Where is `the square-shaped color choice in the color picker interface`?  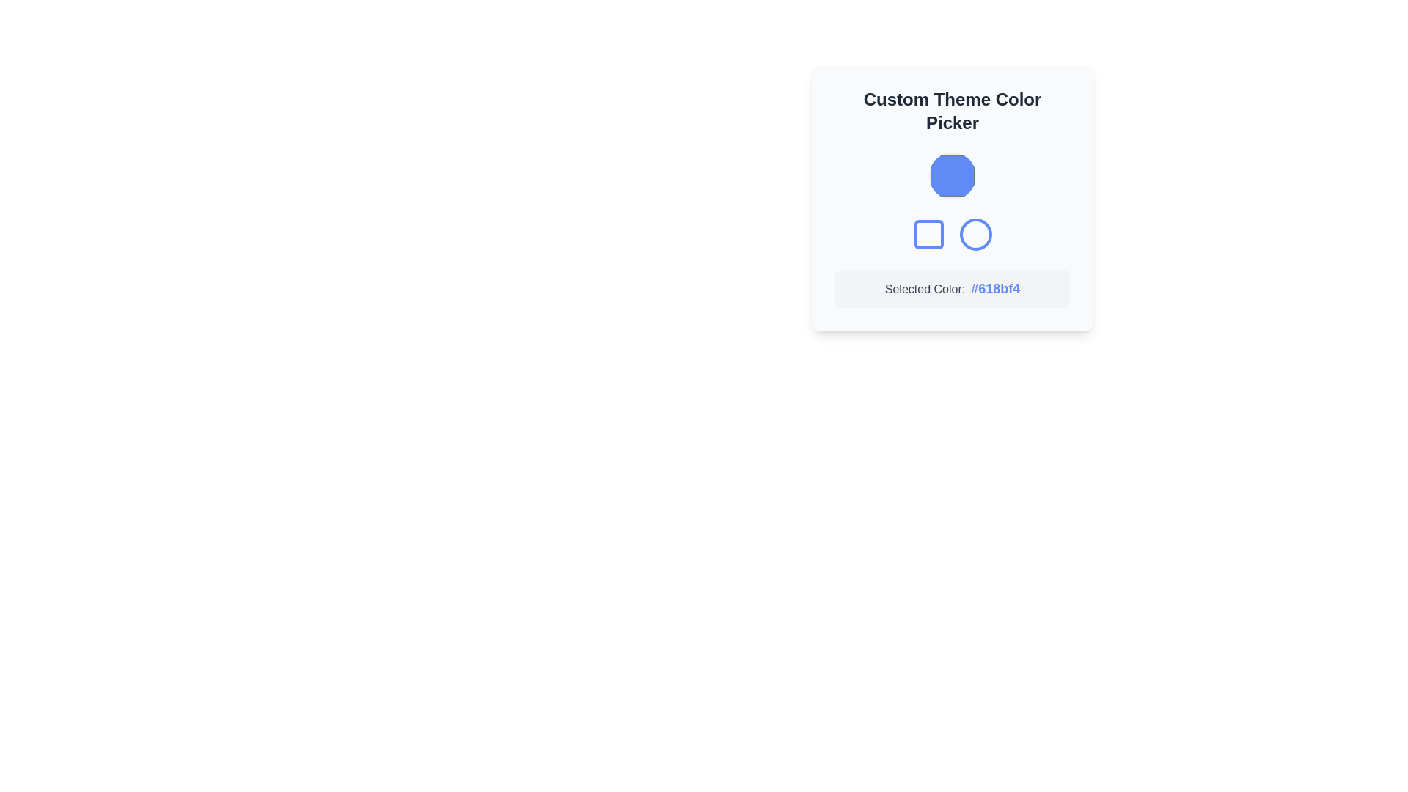 the square-shaped color choice in the color picker interface is located at coordinates (928, 234).